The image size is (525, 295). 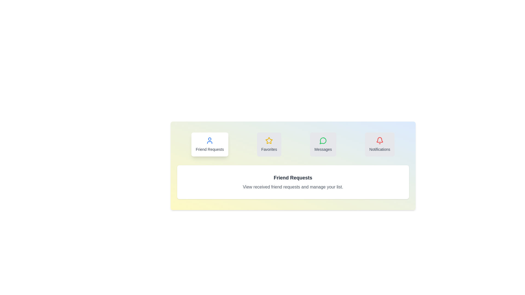 What do you see at coordinates (209, 144) in the screenshot?
I see `the 'Friend Requests' tab to activate it` at bounding box center [209, 144].